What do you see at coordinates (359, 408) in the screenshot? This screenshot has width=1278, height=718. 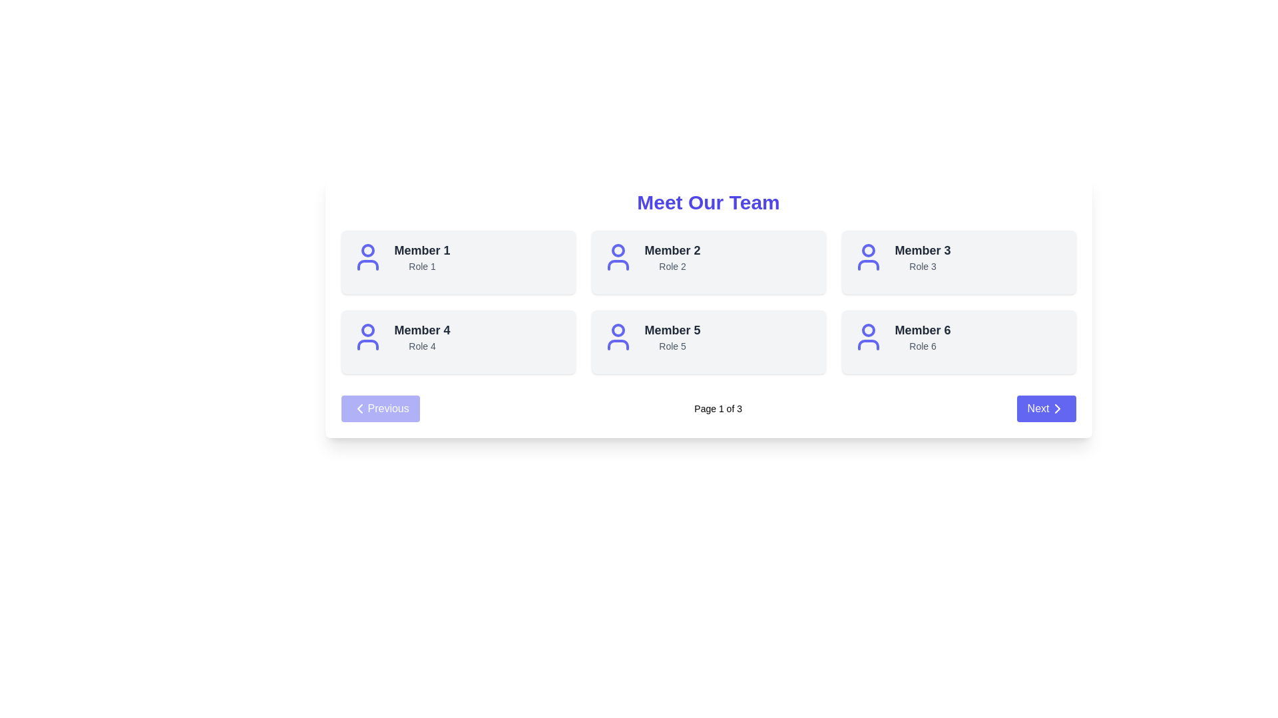 I see `the leftward-pointing chevron arrow icon located within the 'Previous' button in the navigation interface` at bounding box center [359, 408].